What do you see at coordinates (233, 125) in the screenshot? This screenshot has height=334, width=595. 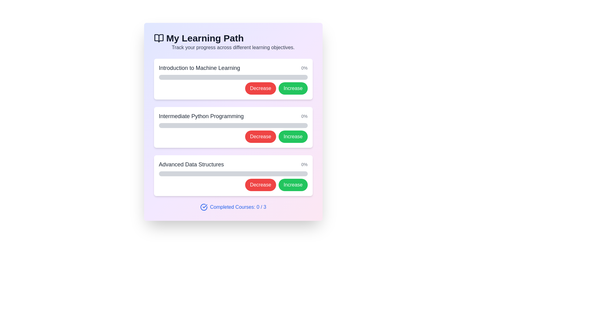 I see `the horizontal progress bar located in the 'Intermediate Python Programming' section, situated below the 'Intermediate Python Programming 0%' label and above the 'Decrease' and 'Increase' buttons` at bounding box center [233, 125].